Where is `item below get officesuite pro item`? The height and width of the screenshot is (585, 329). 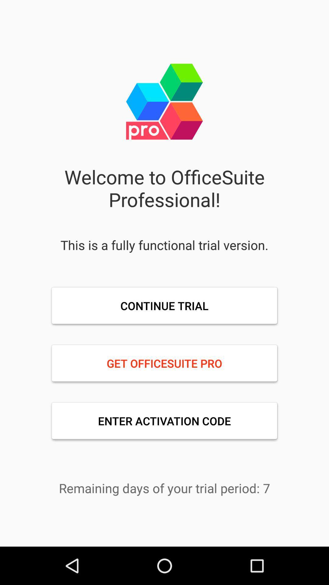 item below get officesuite pro item is located at coordinates (164, 420).